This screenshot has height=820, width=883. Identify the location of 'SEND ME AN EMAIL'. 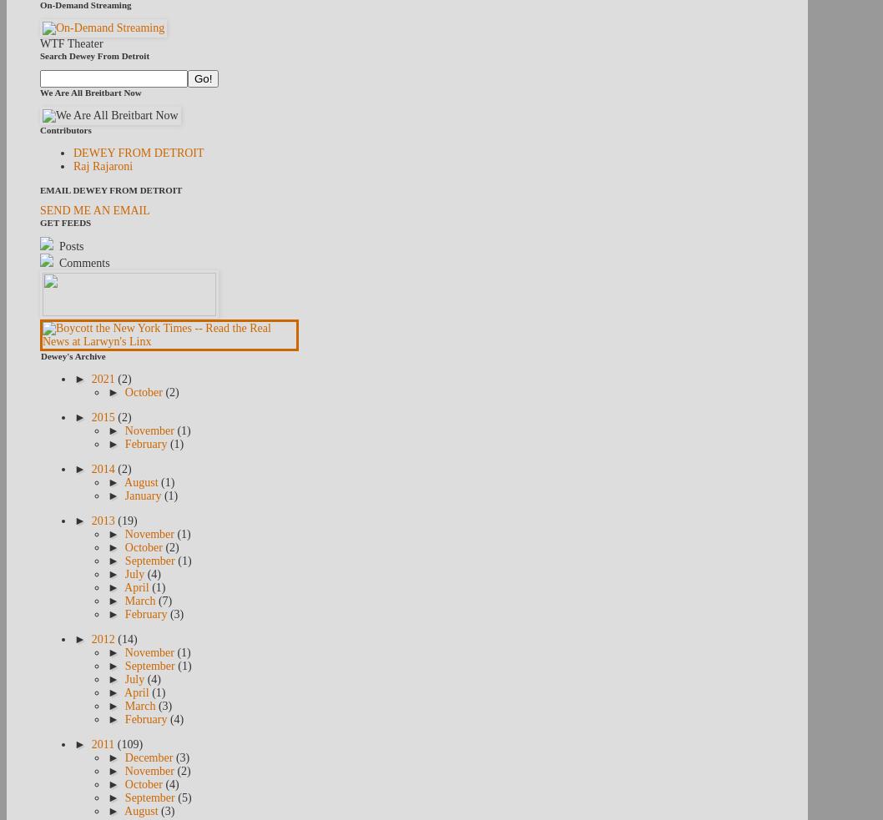
(93, 210).